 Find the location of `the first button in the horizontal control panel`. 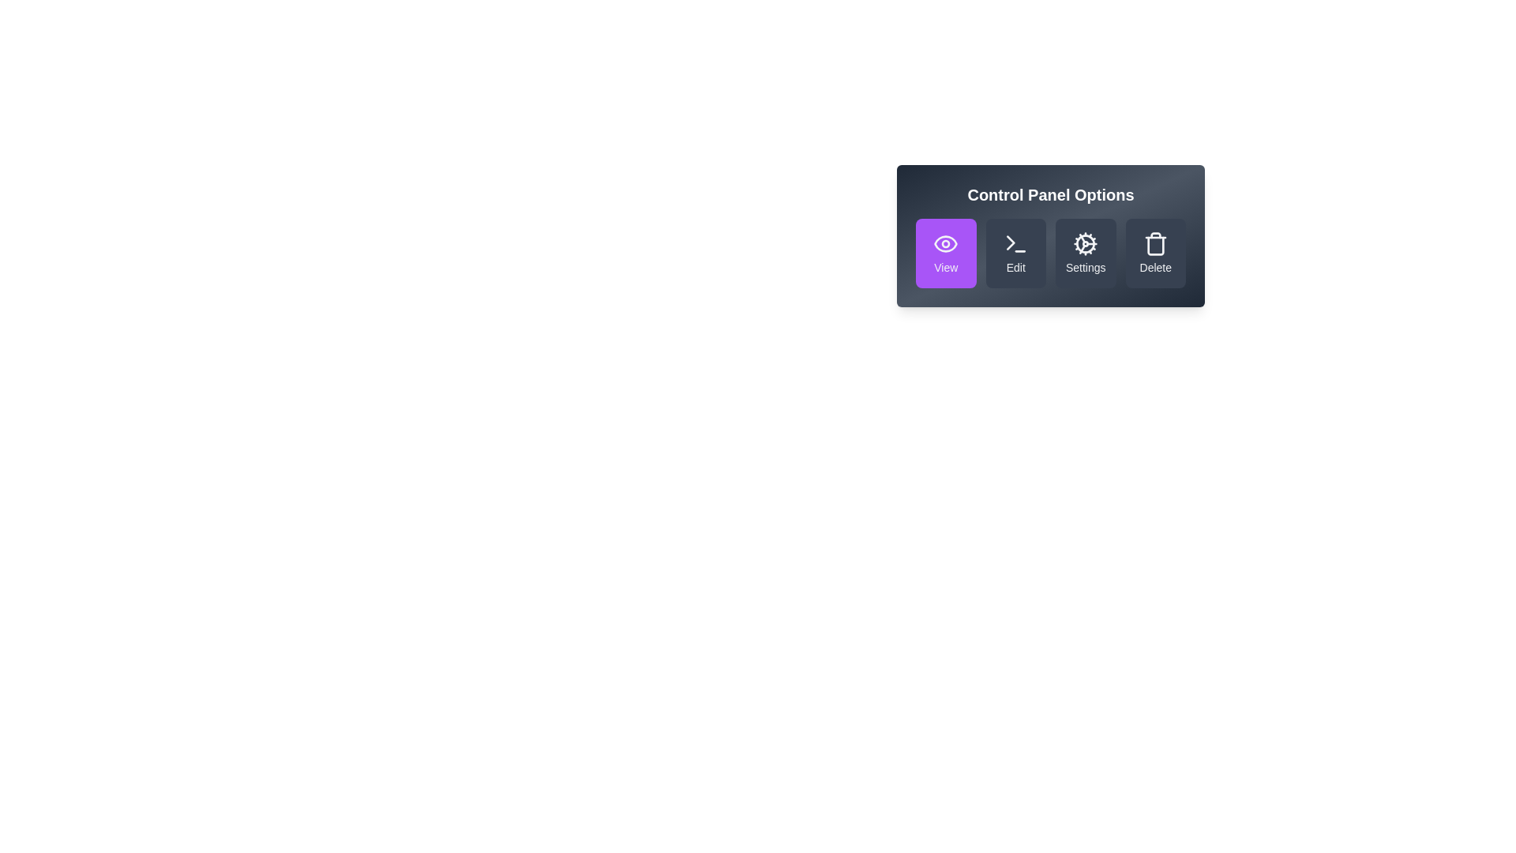

the first button in the horizontal control panel is located at coordinates (946, 252).